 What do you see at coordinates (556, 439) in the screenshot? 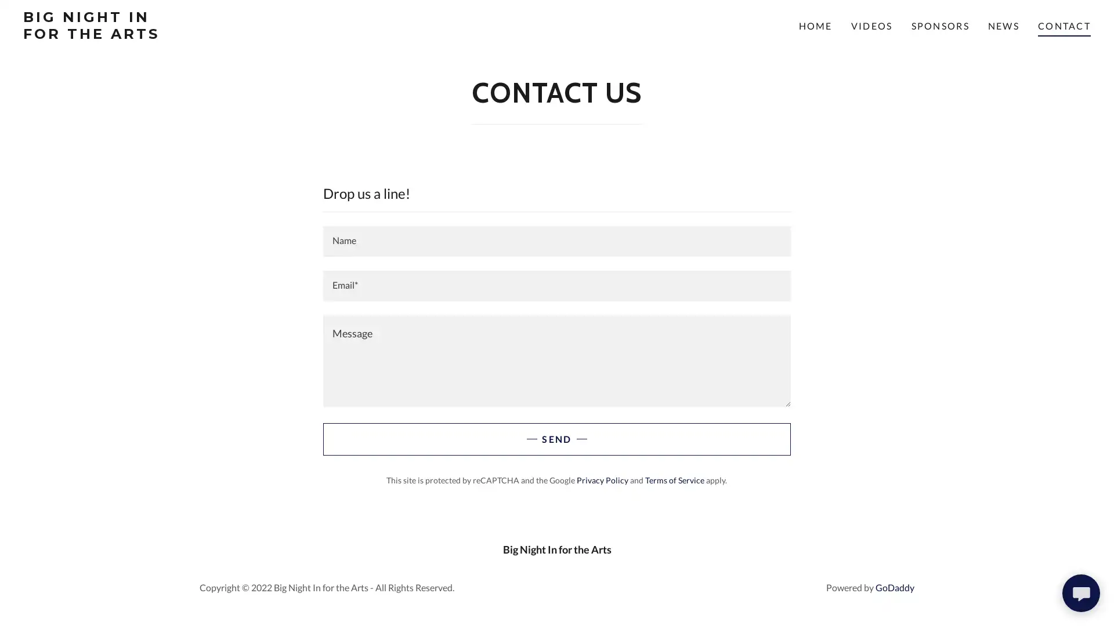
I see `SEND` at bounding box center [556, 439].